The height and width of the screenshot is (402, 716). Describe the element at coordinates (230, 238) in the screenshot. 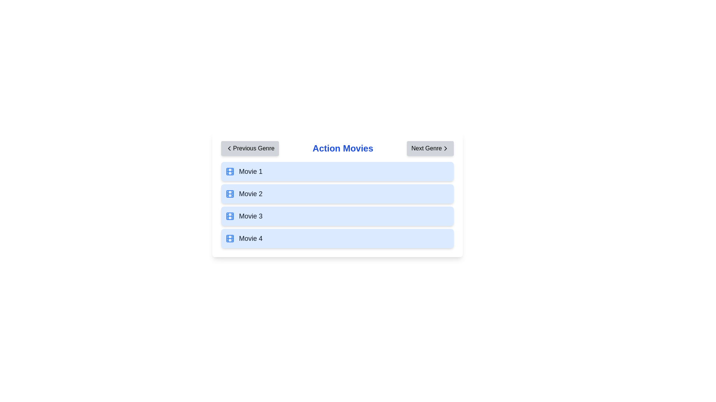

I see `the decorative graphical element within the film icon, which is a small rectangular shape located to the left of the 'Movie 4' text` at that location.